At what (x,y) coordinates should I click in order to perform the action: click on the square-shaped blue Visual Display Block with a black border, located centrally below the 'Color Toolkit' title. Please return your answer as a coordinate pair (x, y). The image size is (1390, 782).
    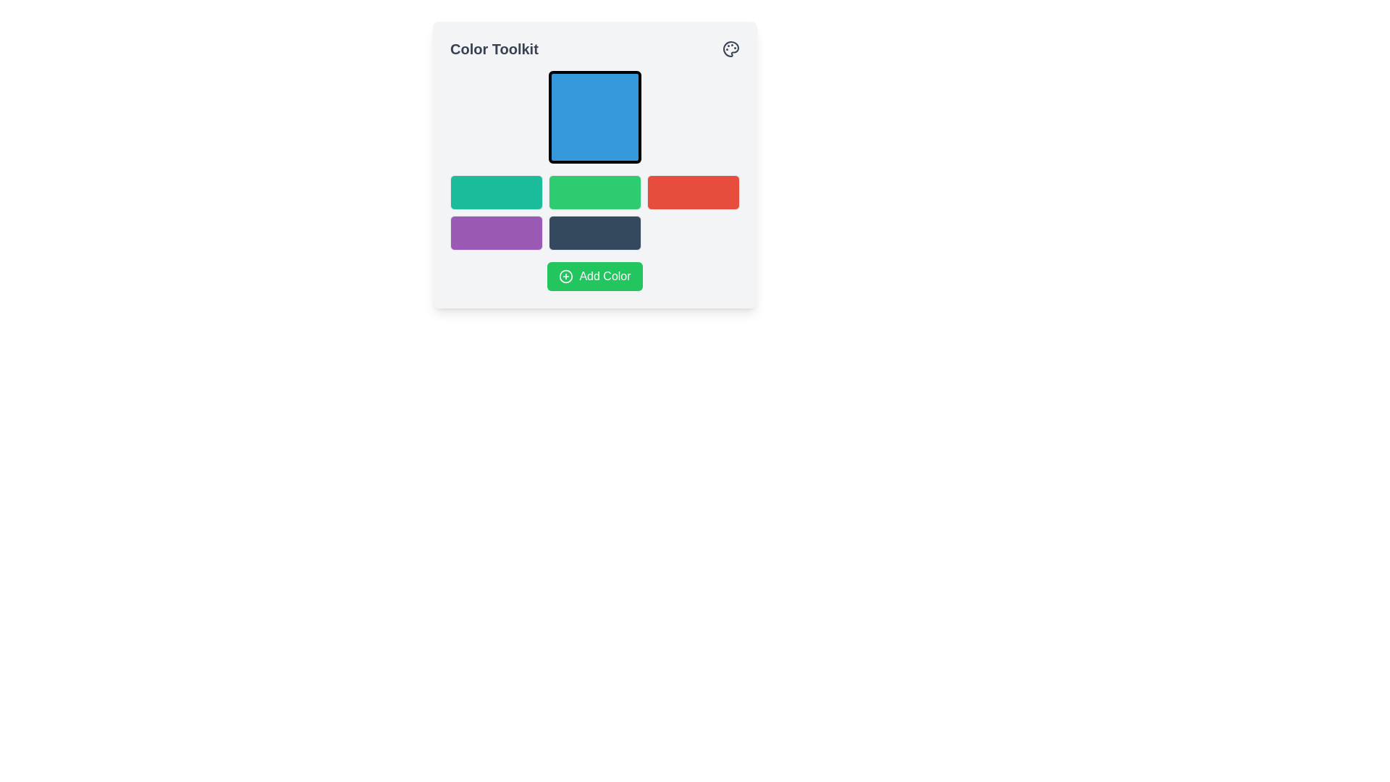
    Looking at the image, I should click on (594, 164).